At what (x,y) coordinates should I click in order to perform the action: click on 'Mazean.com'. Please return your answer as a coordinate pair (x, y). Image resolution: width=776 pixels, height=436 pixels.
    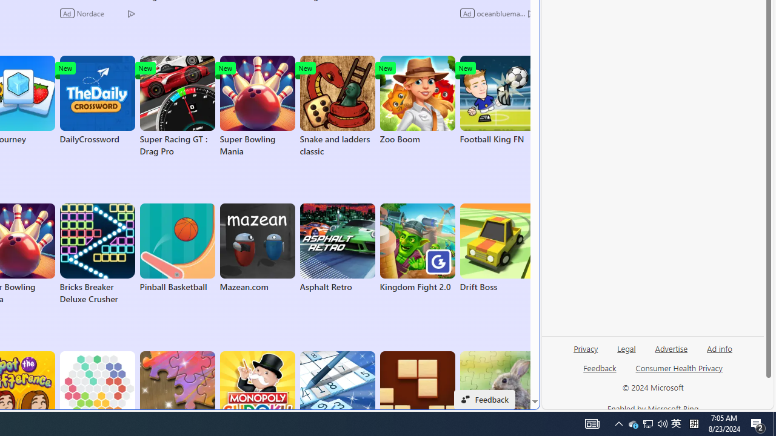
    Looking at the image, I should click on (256, 248).